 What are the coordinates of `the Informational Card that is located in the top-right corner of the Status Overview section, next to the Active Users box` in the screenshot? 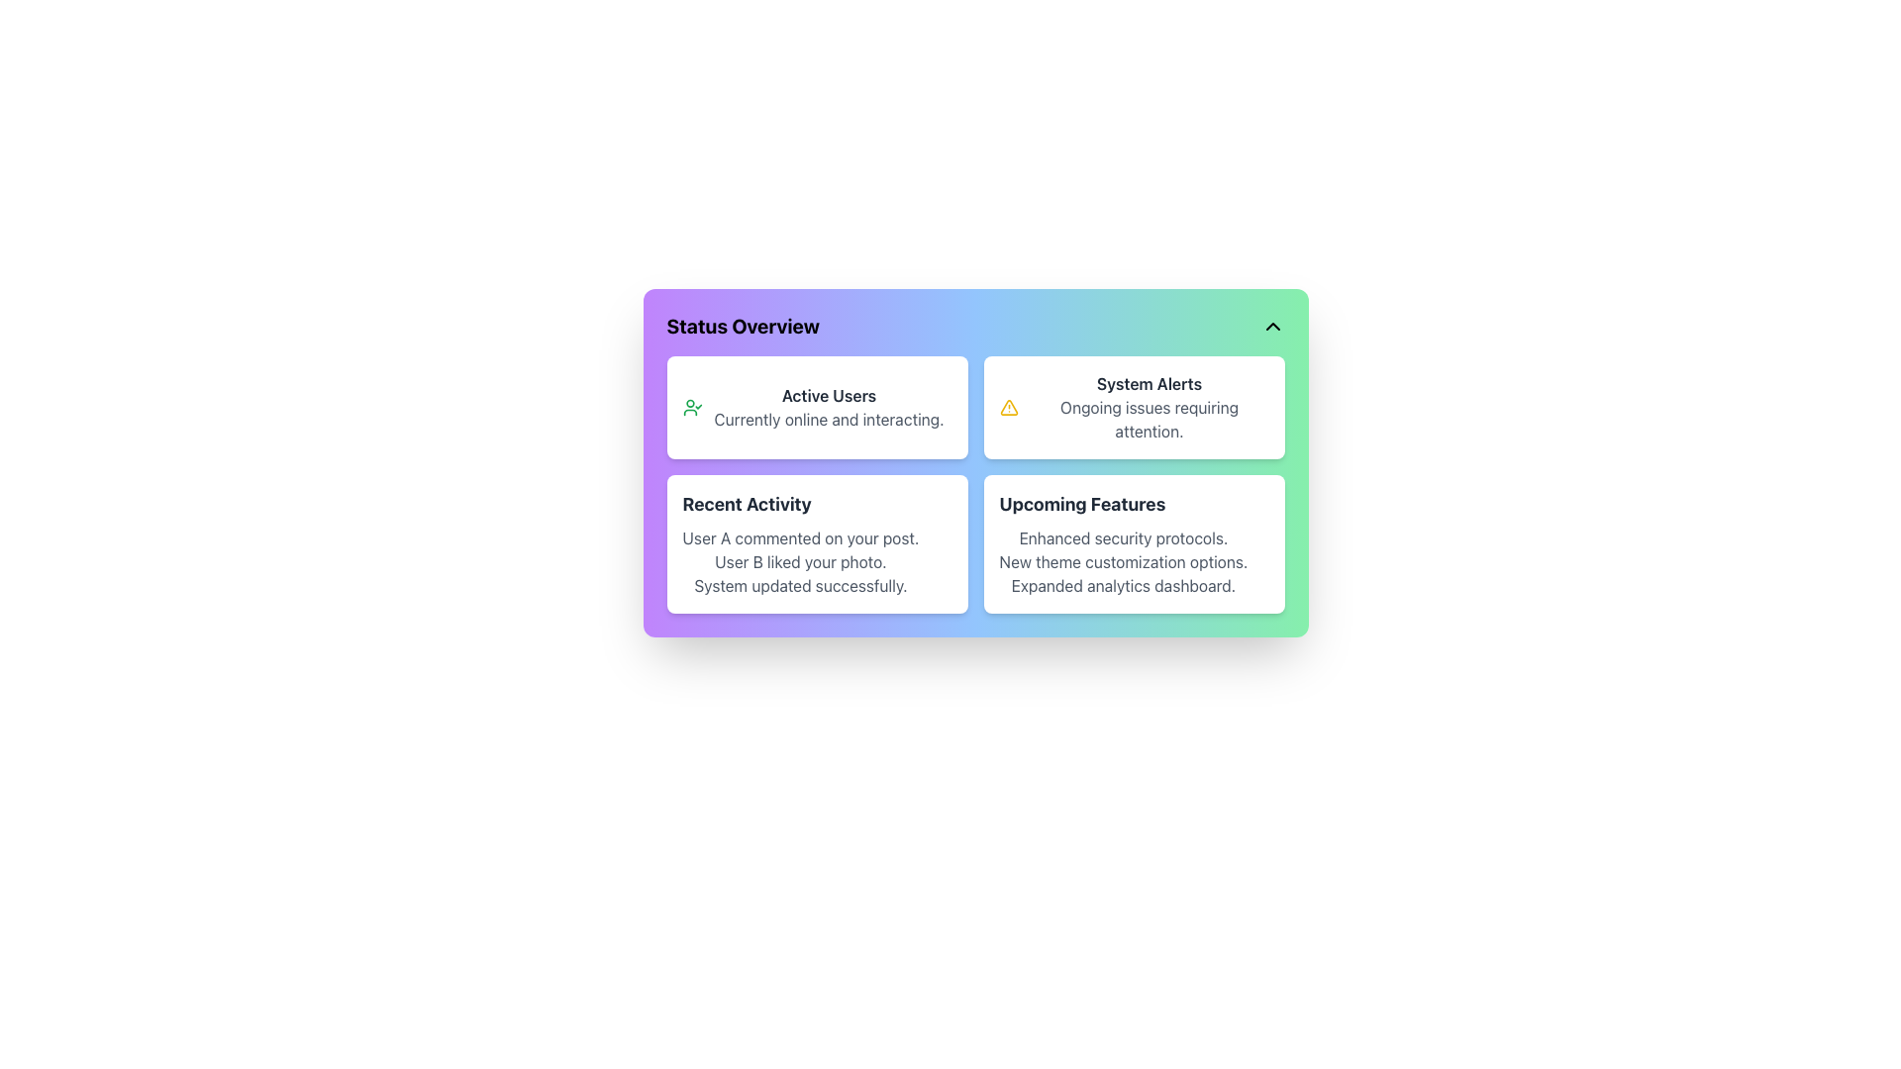 It's located at (1134, 407).